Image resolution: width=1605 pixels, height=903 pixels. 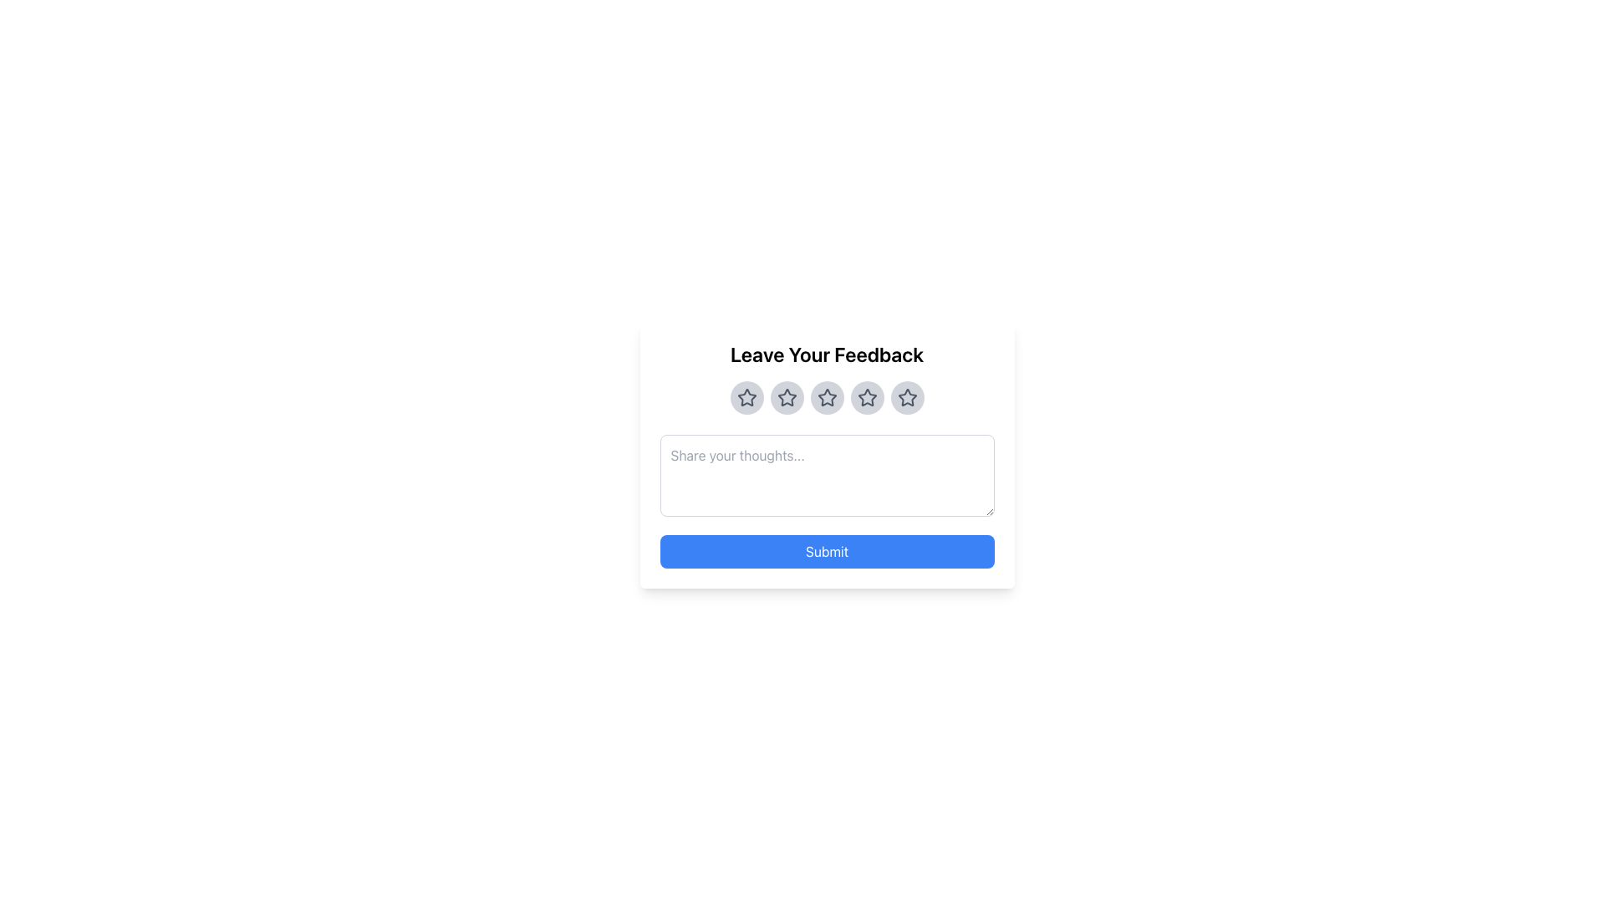 I want to click on the fifth star icon with a hollow center, so click(x=906, y=397).